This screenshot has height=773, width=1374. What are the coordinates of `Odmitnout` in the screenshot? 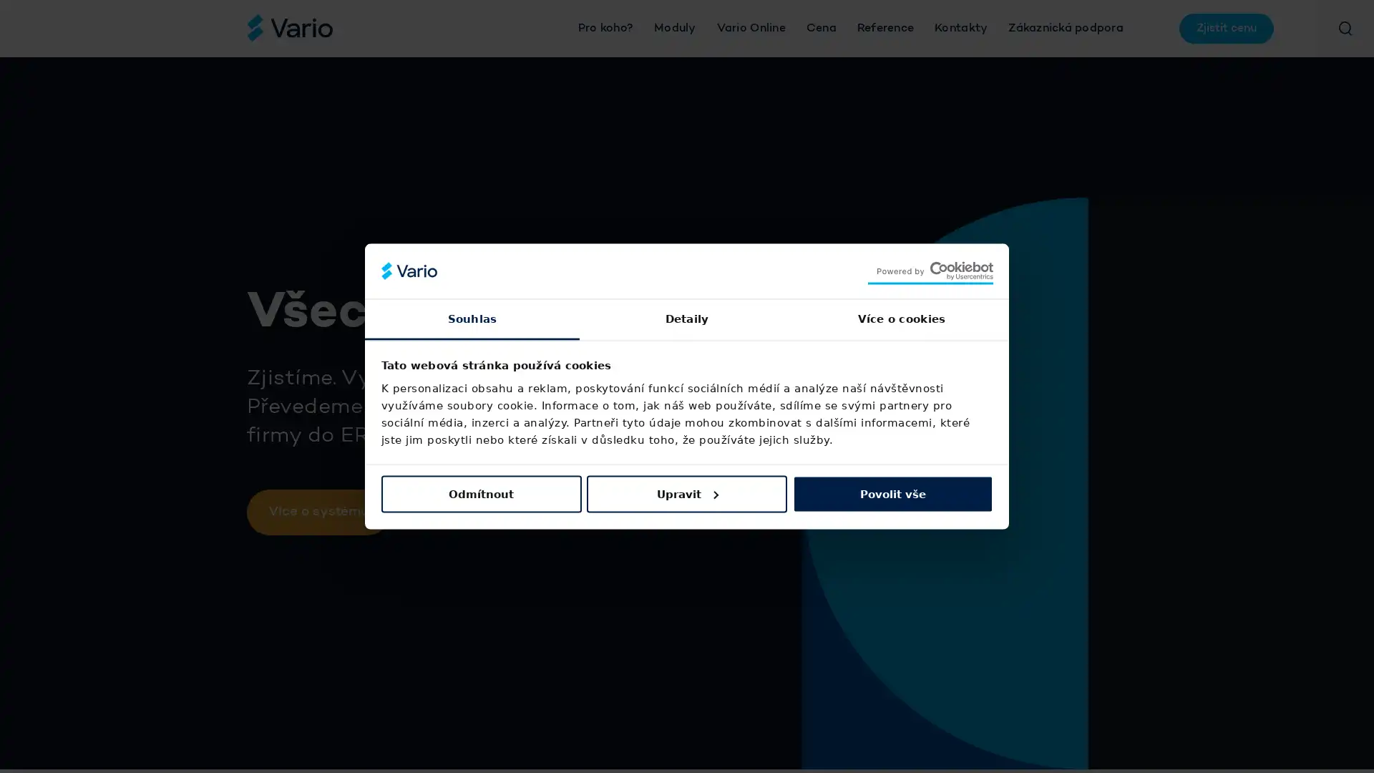 It's located at (481, 493).